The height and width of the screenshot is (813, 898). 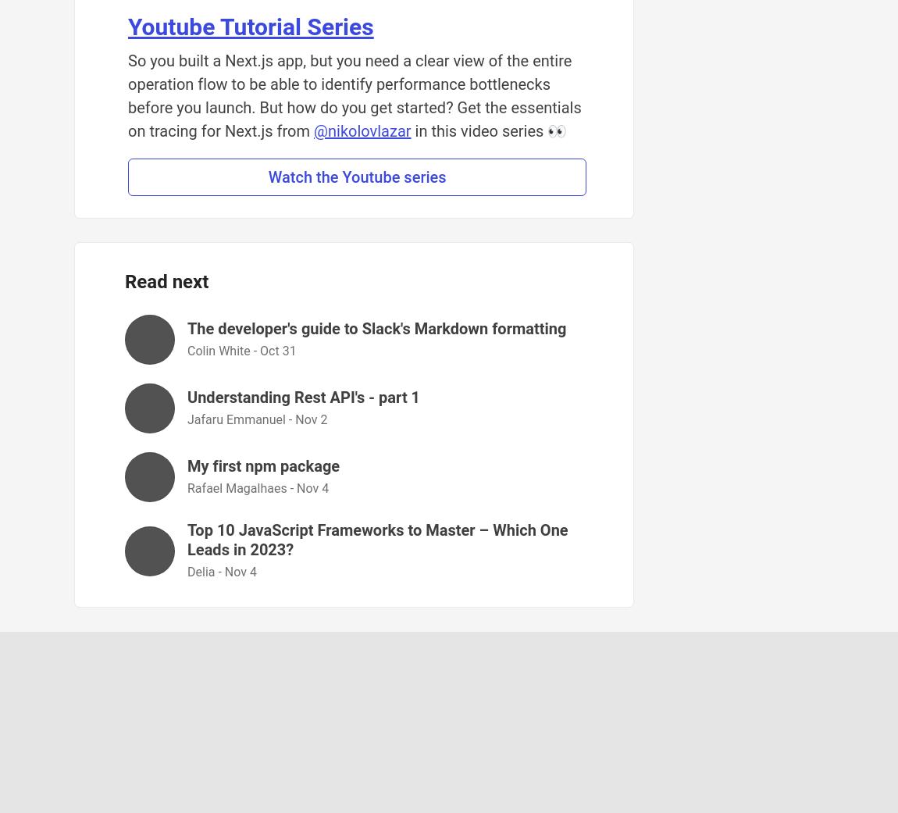 I want to click on 'open source', so click(x=354, y=748).